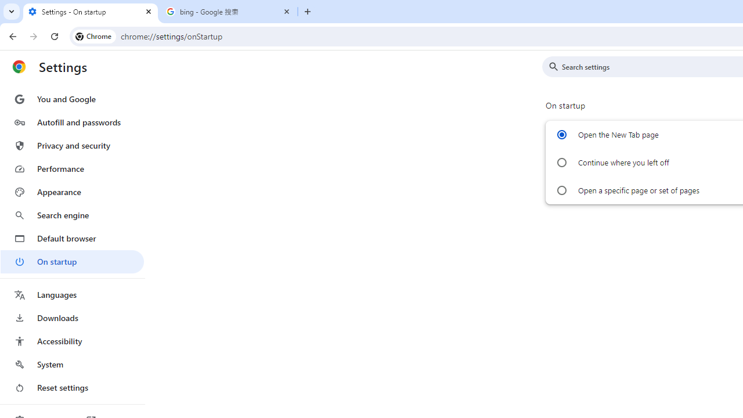 Image resolution: width=743 pixels, height=418 pixels. Describe the element at coordinates (90, 12) in the screenshot. I see `'Settings - On startup'` at that location.